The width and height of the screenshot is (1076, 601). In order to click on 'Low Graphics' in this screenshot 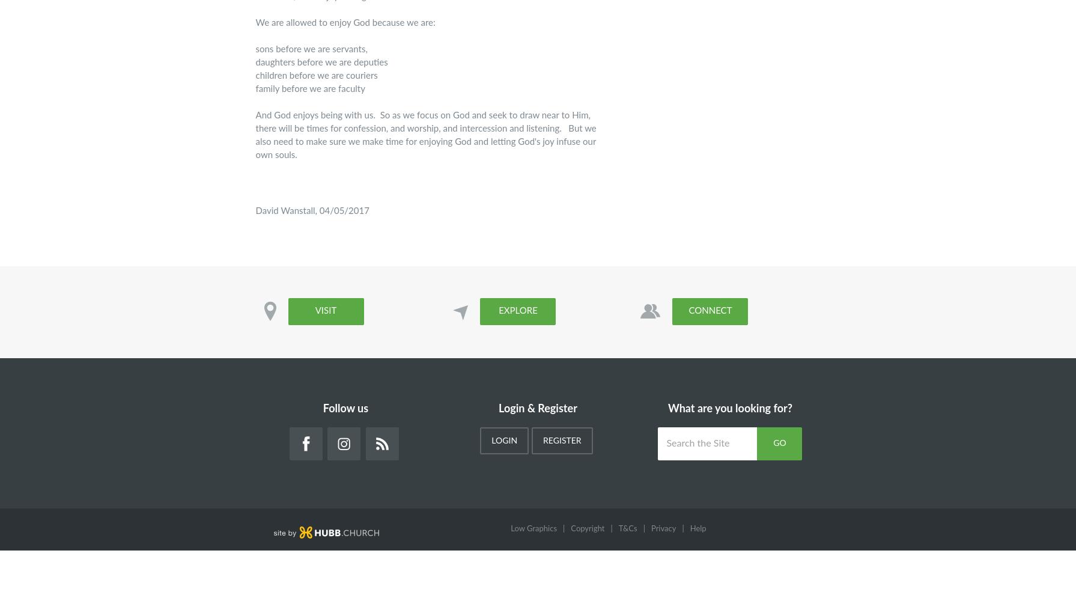, I will do `click(533, 529)`.